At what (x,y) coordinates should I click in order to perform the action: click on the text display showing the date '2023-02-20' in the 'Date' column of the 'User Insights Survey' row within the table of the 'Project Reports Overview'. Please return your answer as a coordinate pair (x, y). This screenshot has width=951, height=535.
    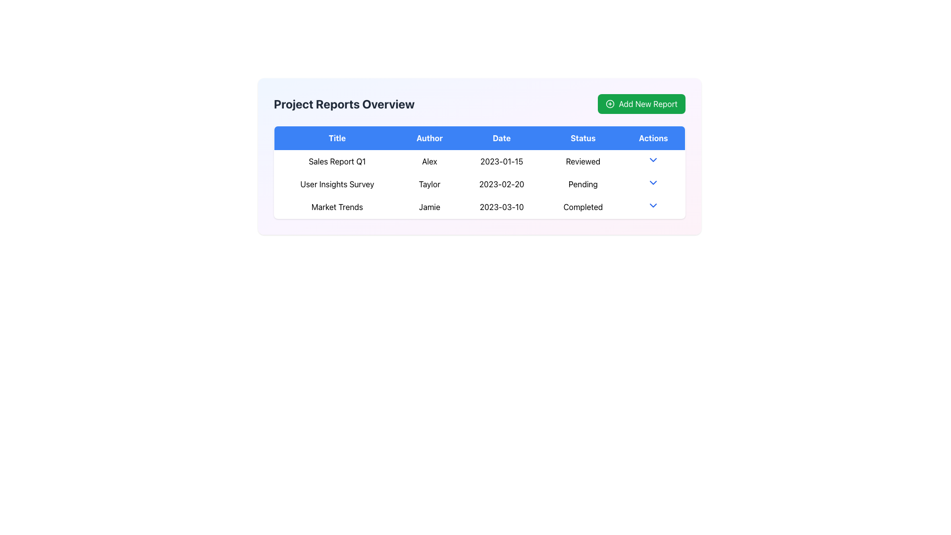
    Looking at the image, I should click on (501, 184).